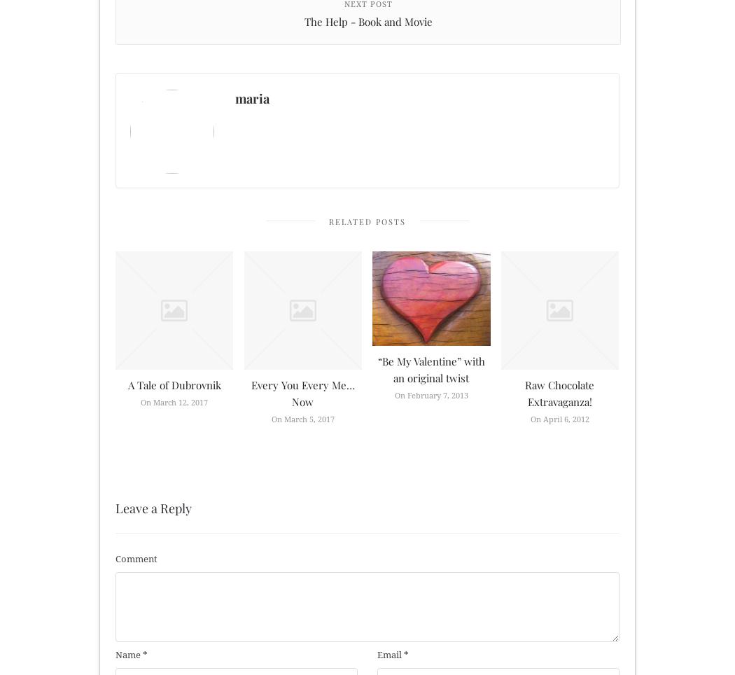 This screenshot has width=735, height=675. Describe the element at coordinates (153, 507) in the screenshot. I see `'Leave a Reply'` at that location.